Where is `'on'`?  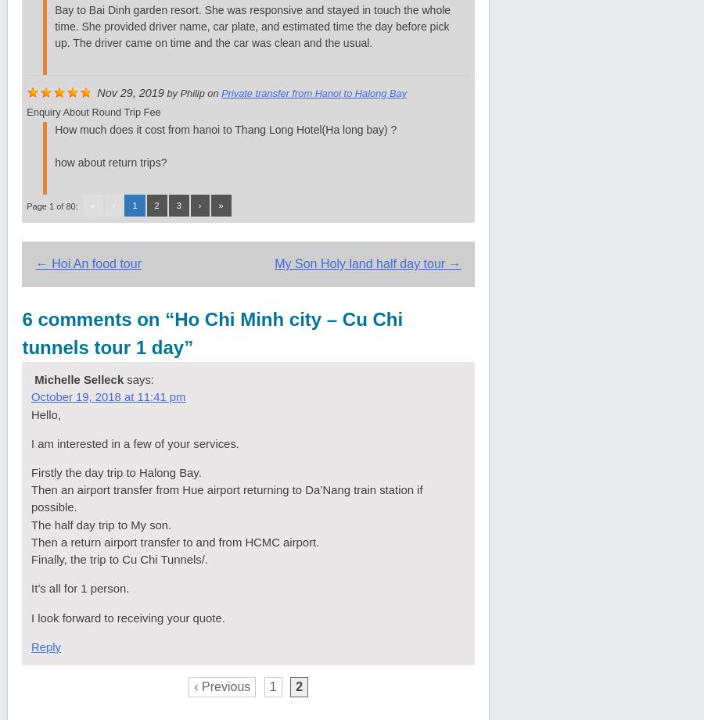 'on' is located at coordinates (211, 92).